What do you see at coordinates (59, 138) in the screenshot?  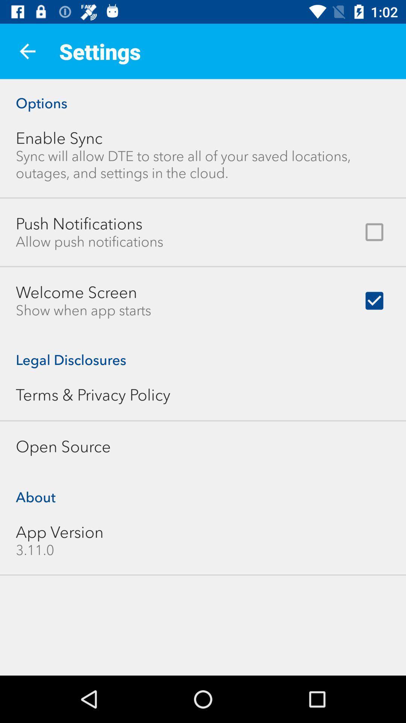 I see `item above the sync will allow icon` at bounding box center [59, 138].